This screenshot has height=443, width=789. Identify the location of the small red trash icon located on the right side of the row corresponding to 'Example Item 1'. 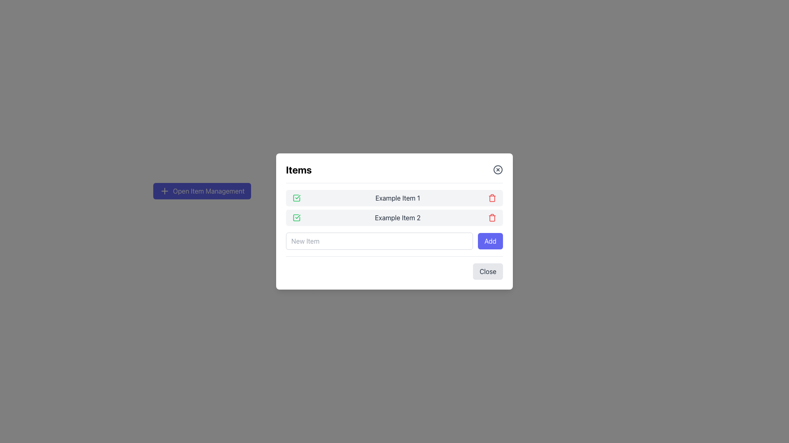
(492, 198).